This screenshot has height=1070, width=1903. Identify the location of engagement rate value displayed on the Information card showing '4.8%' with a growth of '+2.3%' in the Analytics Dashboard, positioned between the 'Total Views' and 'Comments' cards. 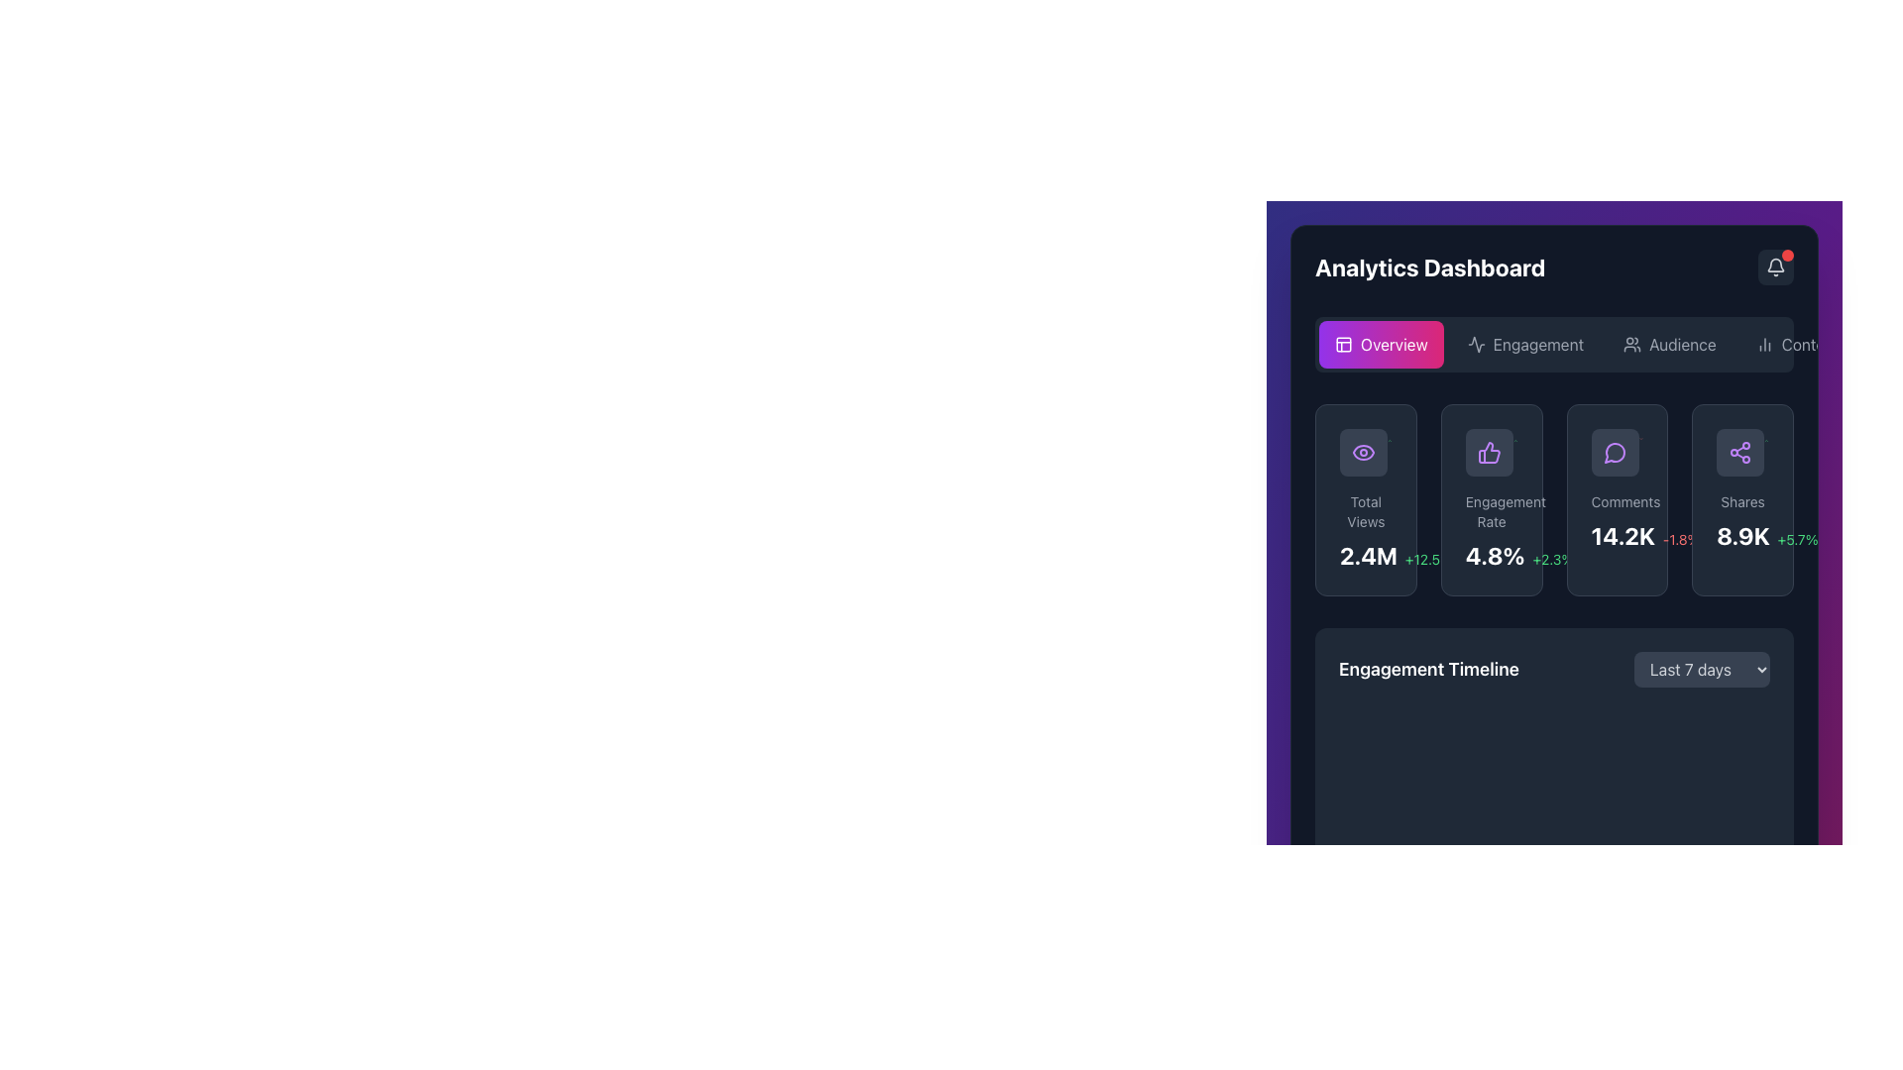
(1492, 499).